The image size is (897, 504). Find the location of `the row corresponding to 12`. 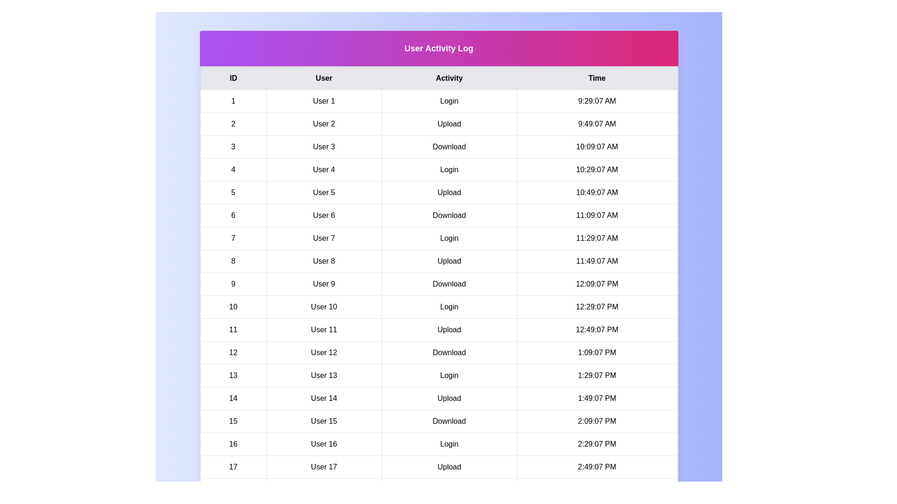

the row corresponding to 12 is located at coordinates (438, 353).